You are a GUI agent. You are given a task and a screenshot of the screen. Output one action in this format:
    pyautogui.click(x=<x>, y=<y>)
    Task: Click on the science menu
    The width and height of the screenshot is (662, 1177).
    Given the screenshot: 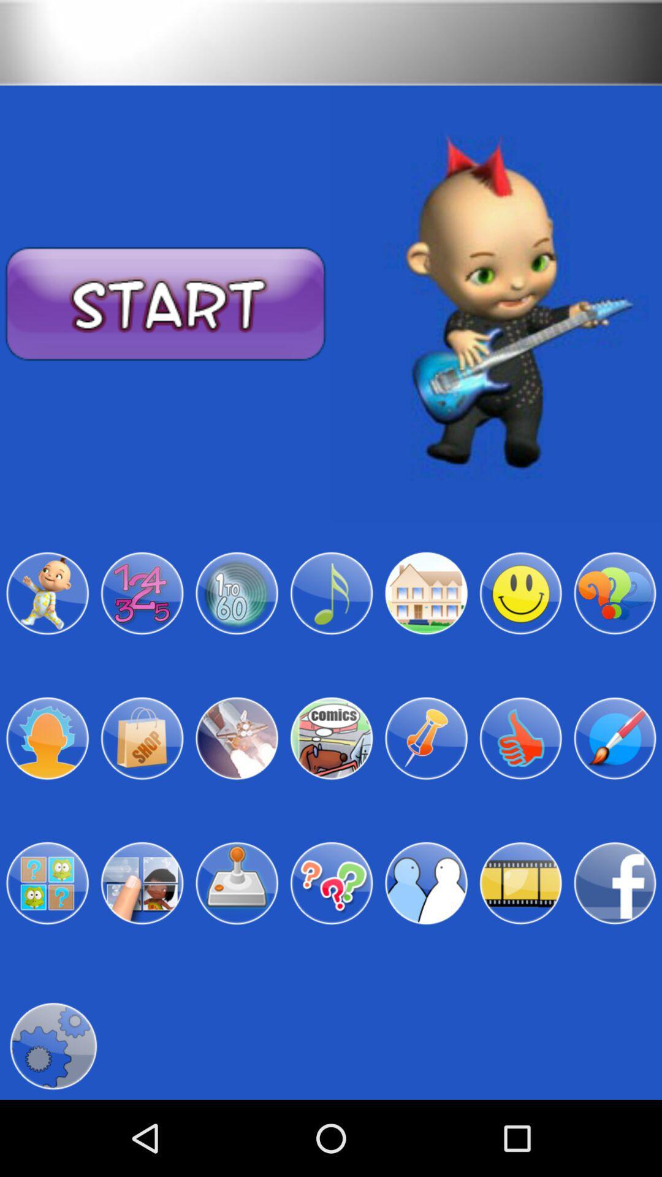 What is the action you would take?
    pyautogui.click(x=237, y=737)
    